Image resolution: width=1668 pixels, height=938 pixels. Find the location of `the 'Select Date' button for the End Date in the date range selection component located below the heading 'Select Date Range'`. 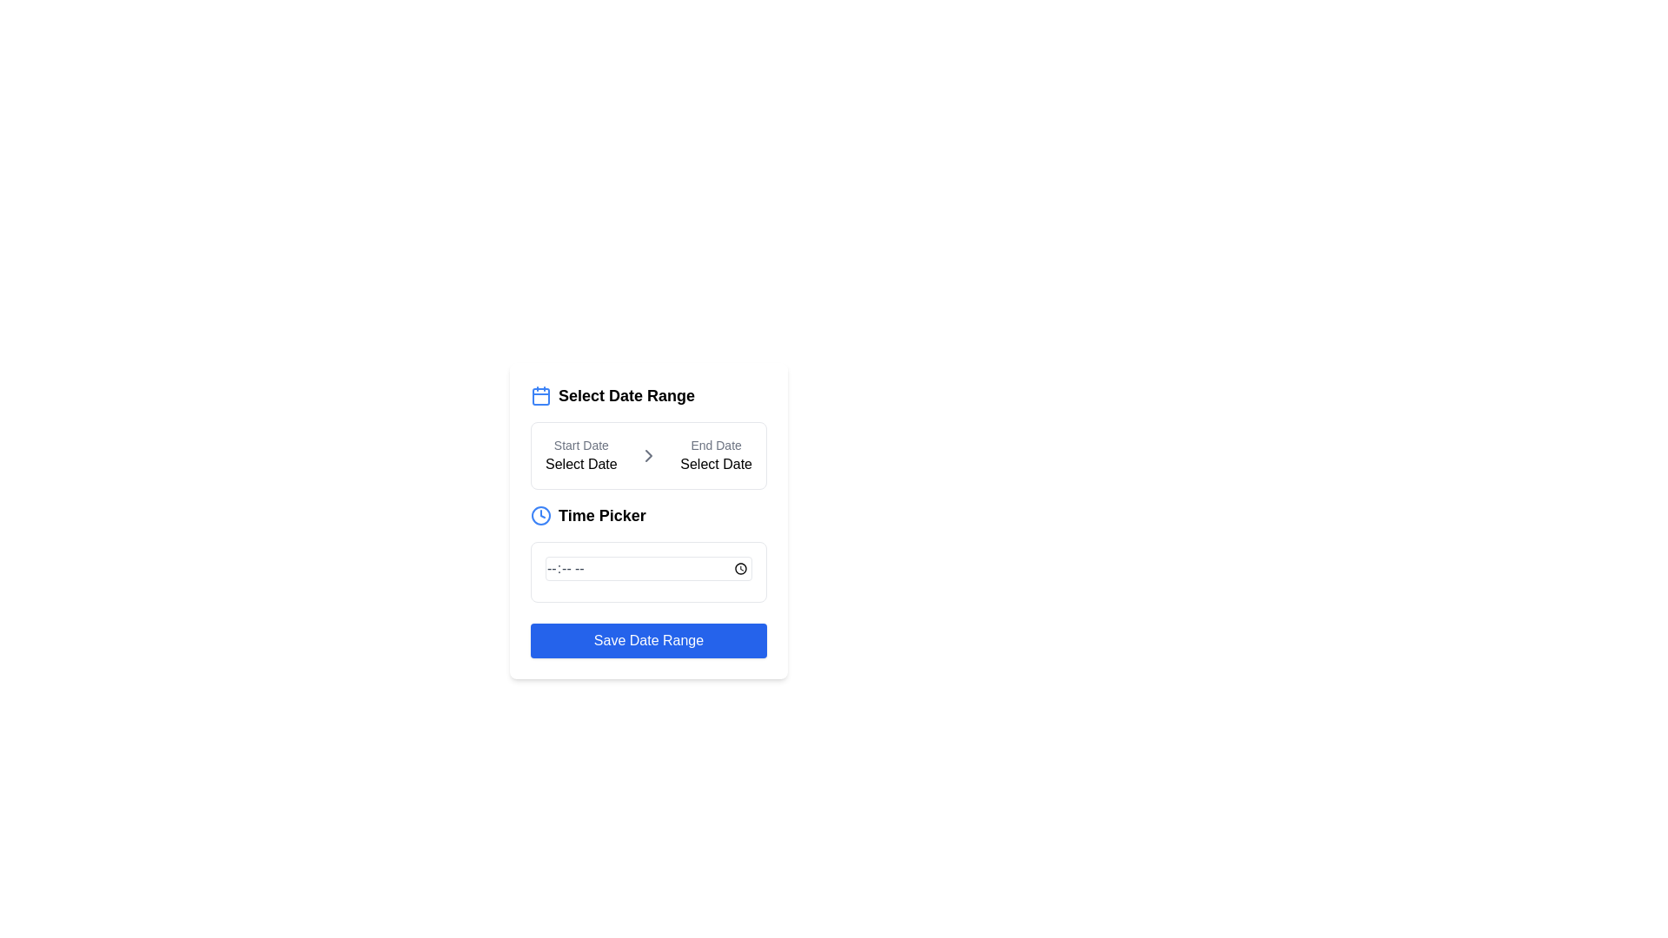

the 'Select Date' button for the End Date in the date range selection component located below the heading 'Select Date Range' is located at coordinates (648, 454).